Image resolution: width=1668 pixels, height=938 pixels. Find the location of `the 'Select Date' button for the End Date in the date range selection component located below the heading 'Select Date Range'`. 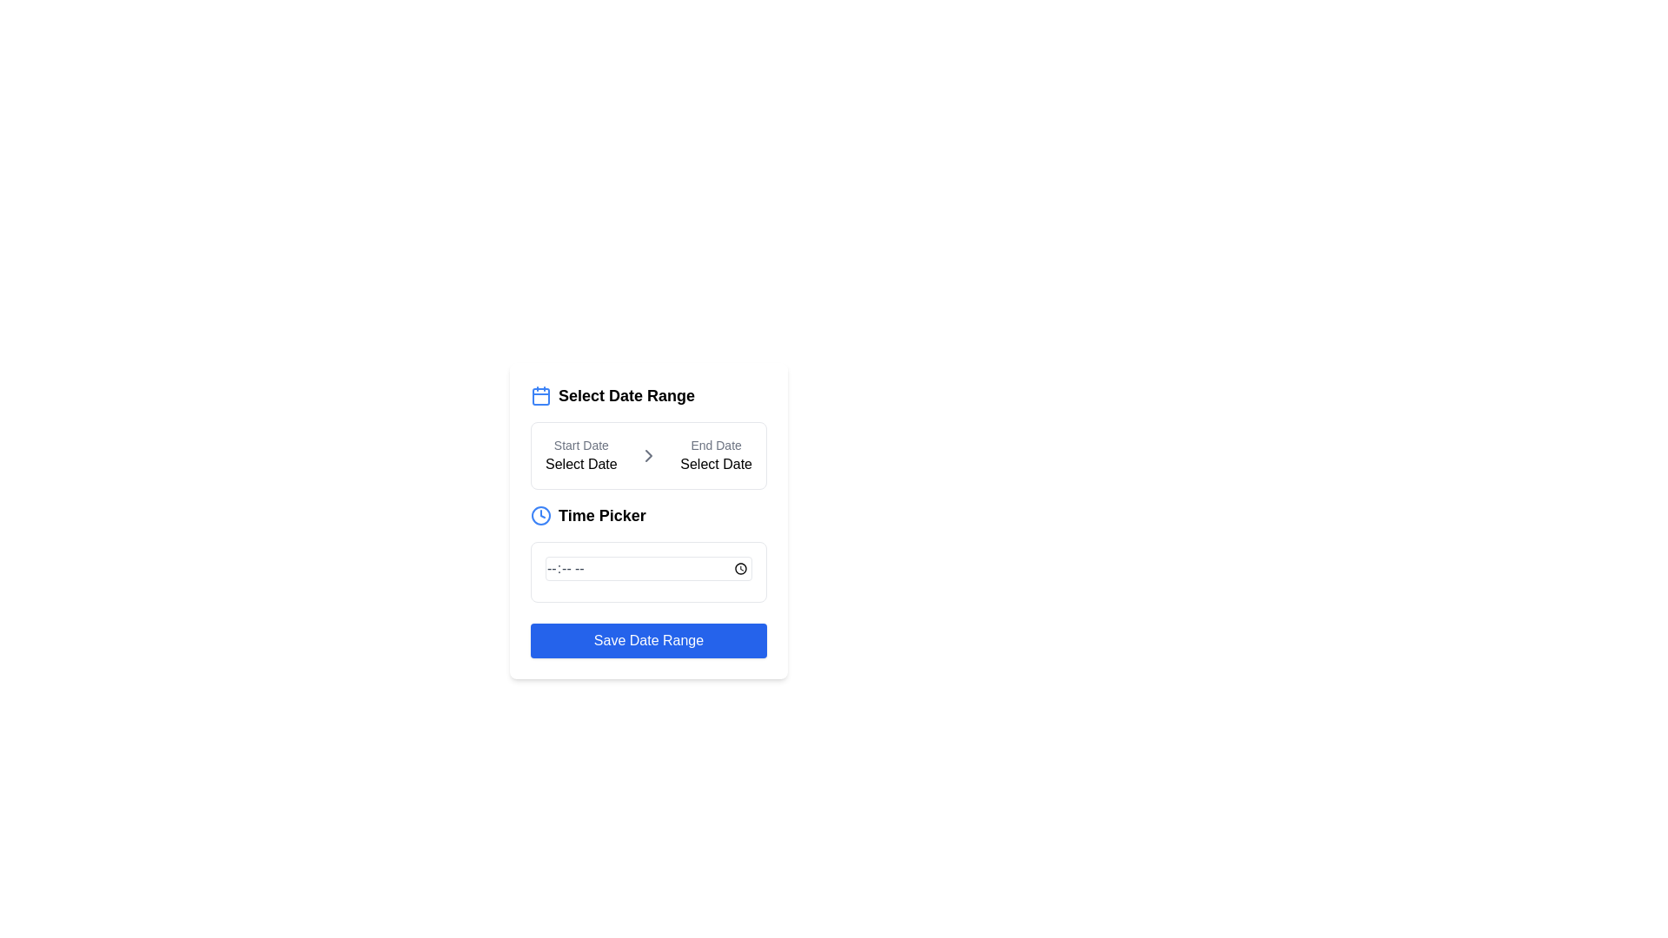

the 'Select Date' button for the End Date in the date range selection component located below the heading 'Select Date Range' is located at coordinates (648, 454).